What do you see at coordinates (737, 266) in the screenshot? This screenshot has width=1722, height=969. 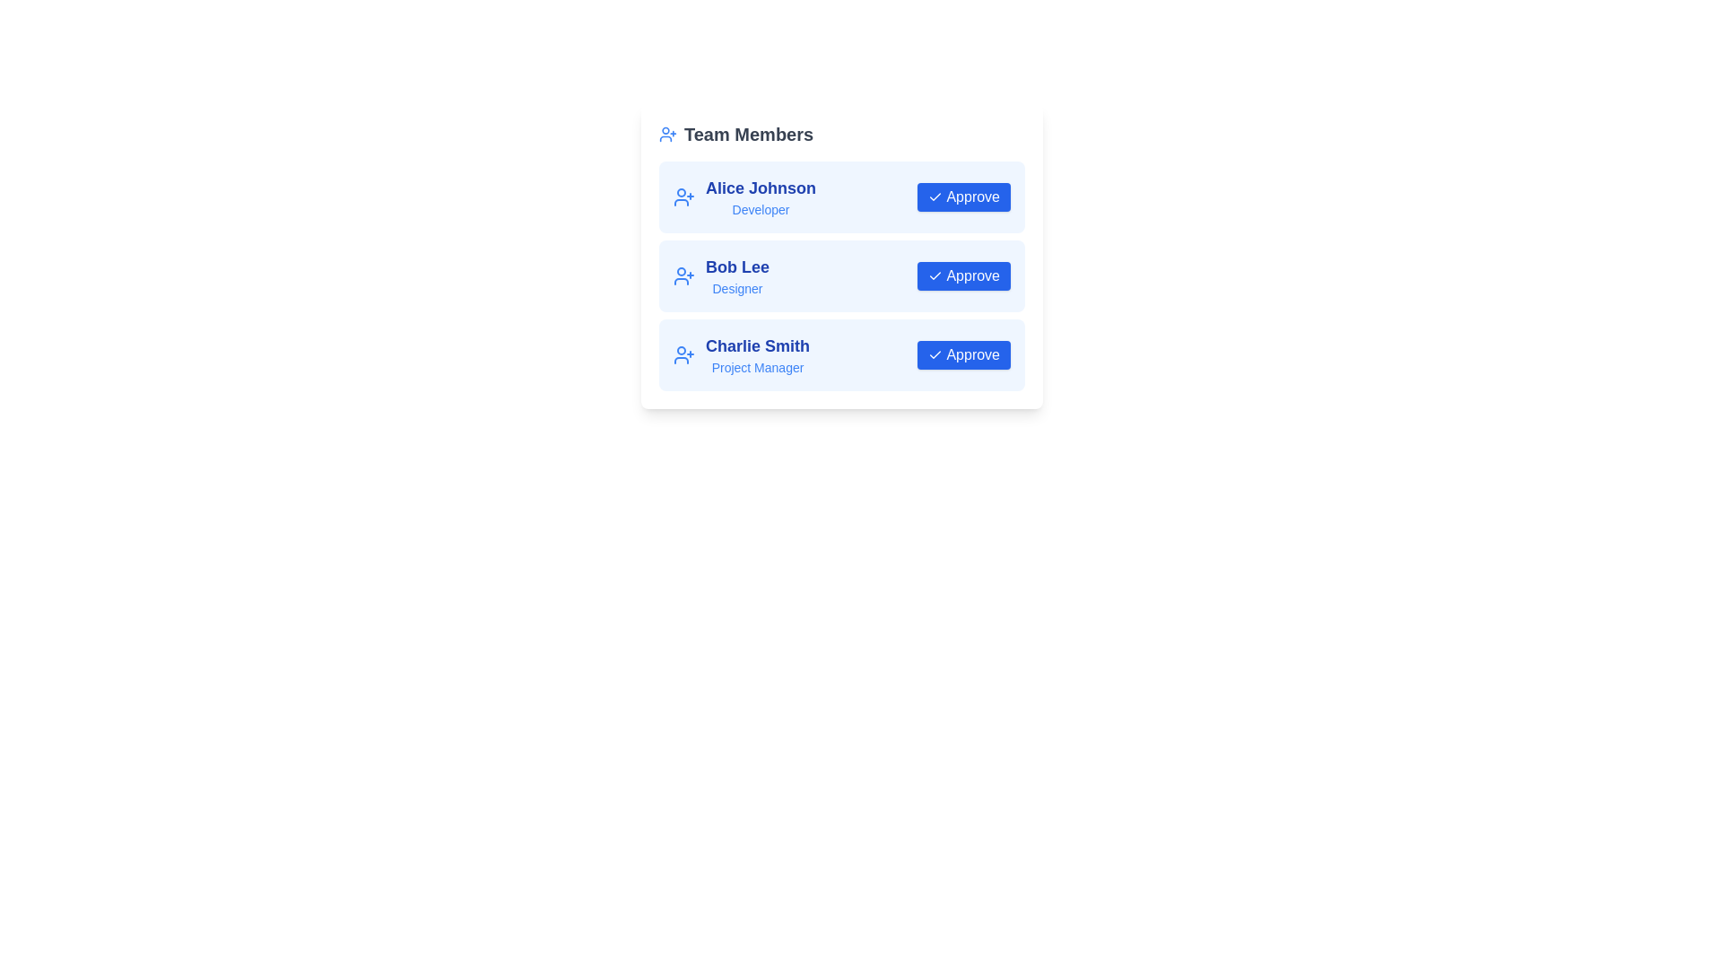 I see `the text label 'Bob Lee' displayed in a bold blue font` at bounding box center [737, 266].